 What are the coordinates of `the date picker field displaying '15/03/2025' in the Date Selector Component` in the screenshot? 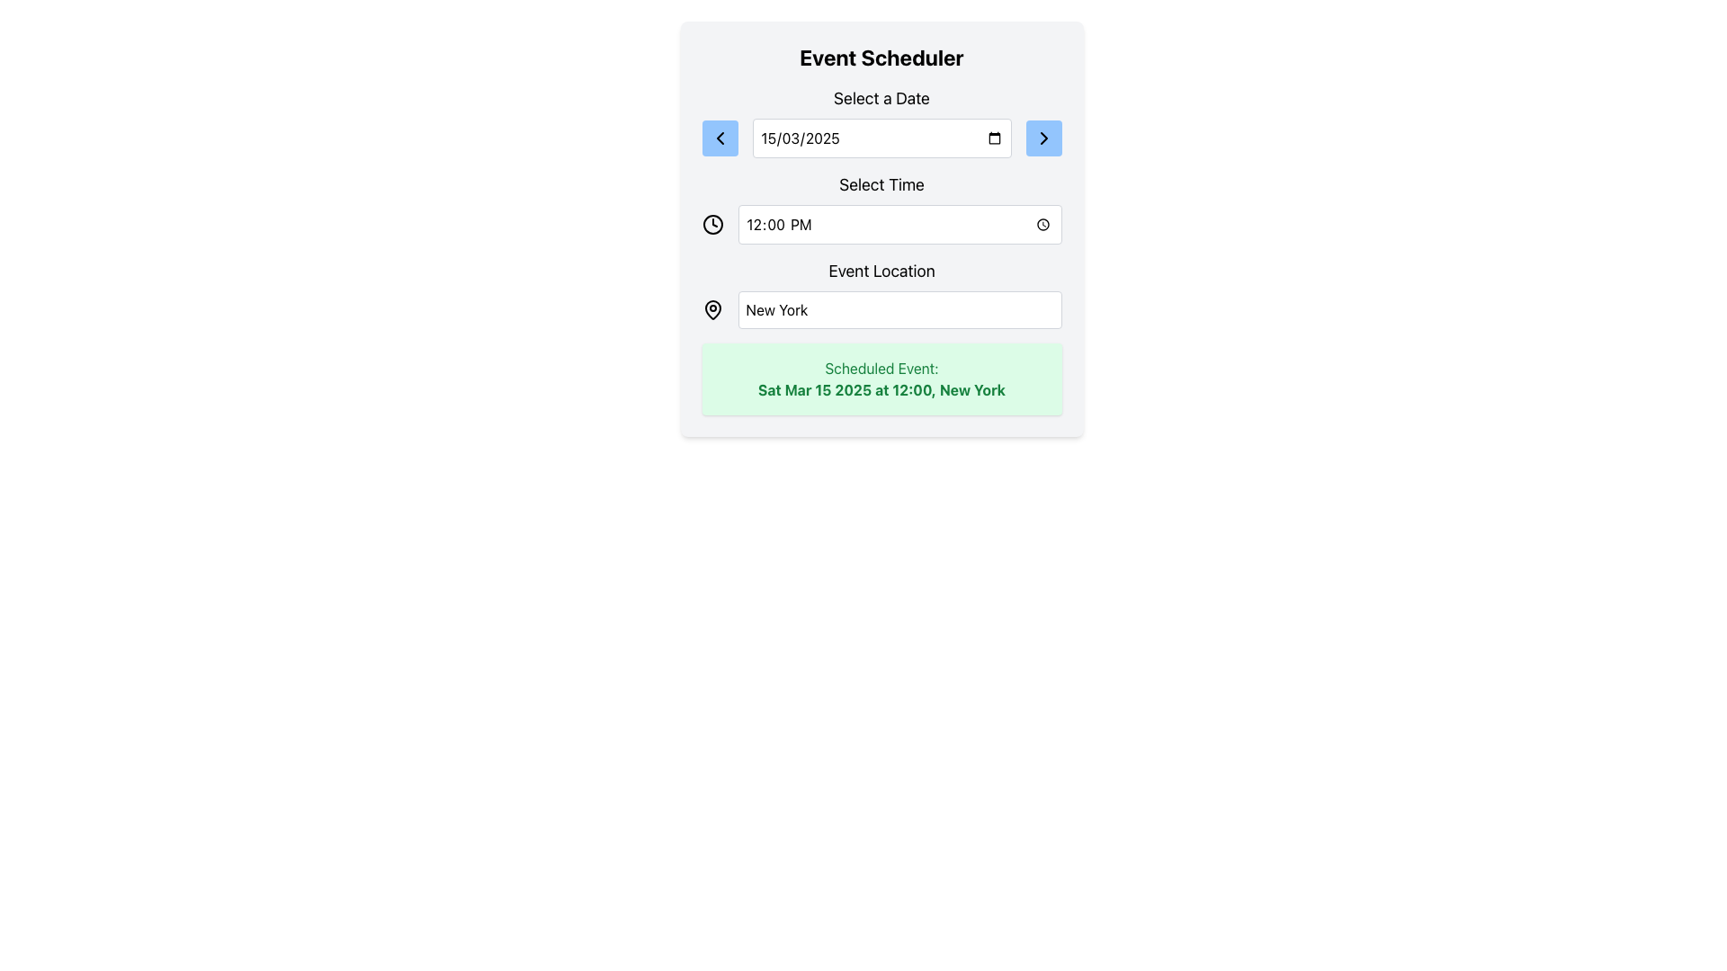 It's located at (881, 138).